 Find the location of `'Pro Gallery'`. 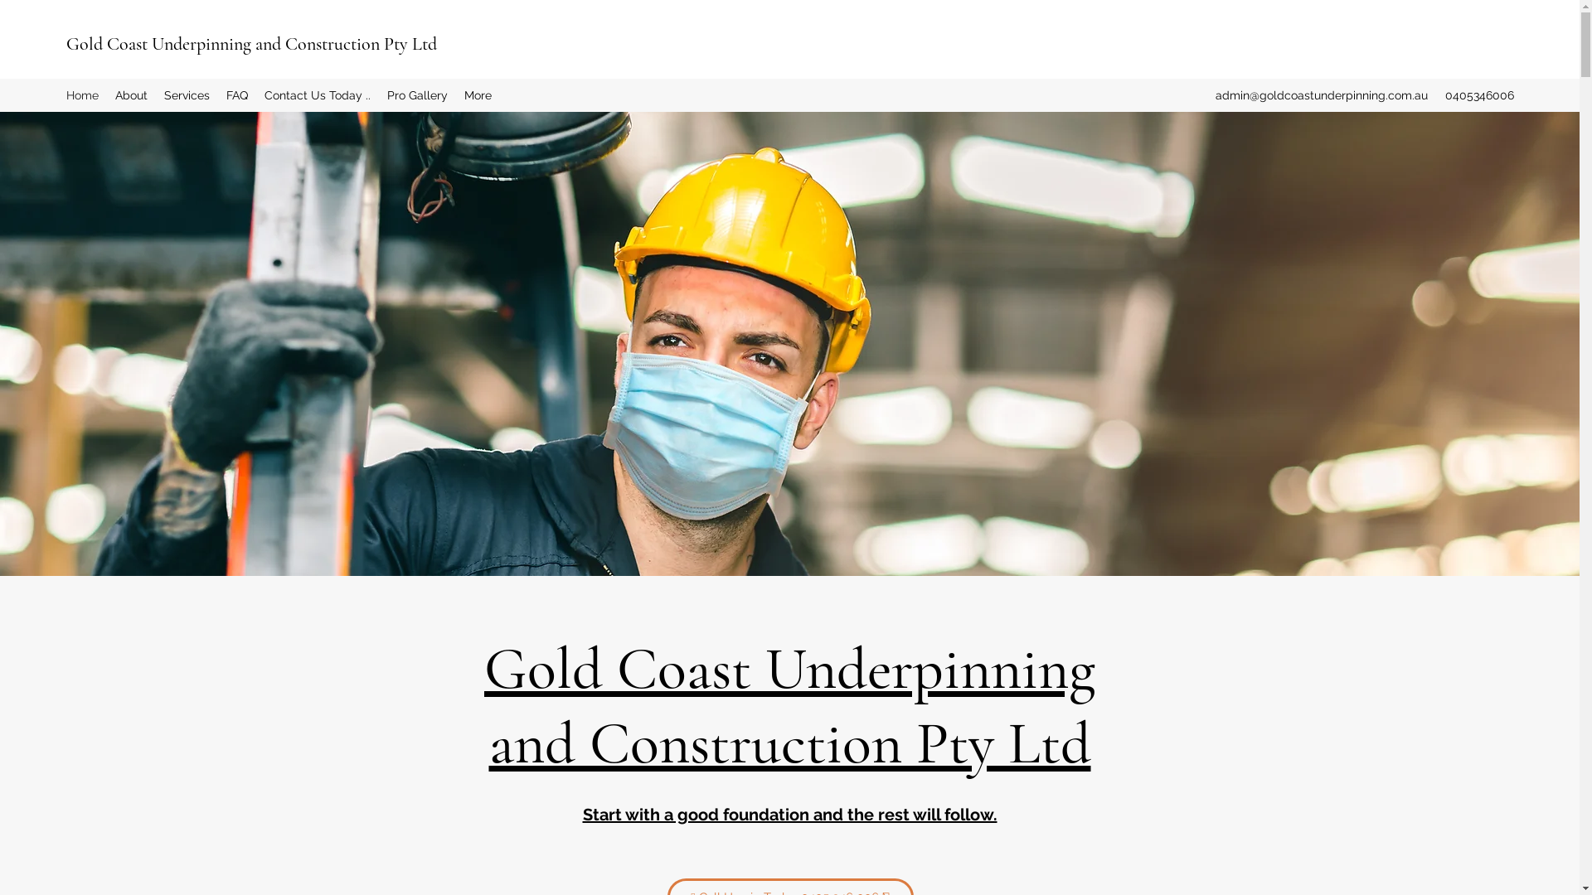

'Pro Gallery' is located at coordinates (417, 95).